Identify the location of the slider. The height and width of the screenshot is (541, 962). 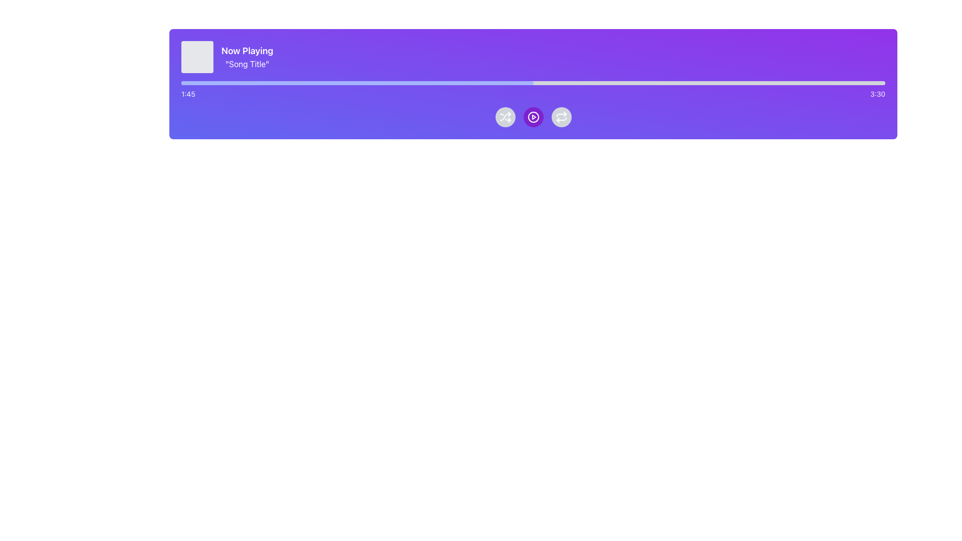
(455, 82).